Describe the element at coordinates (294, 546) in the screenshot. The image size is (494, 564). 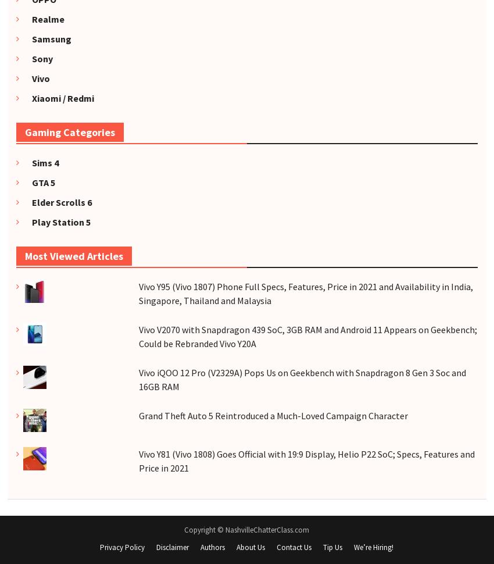
I see `'Contact Us'` at that location.